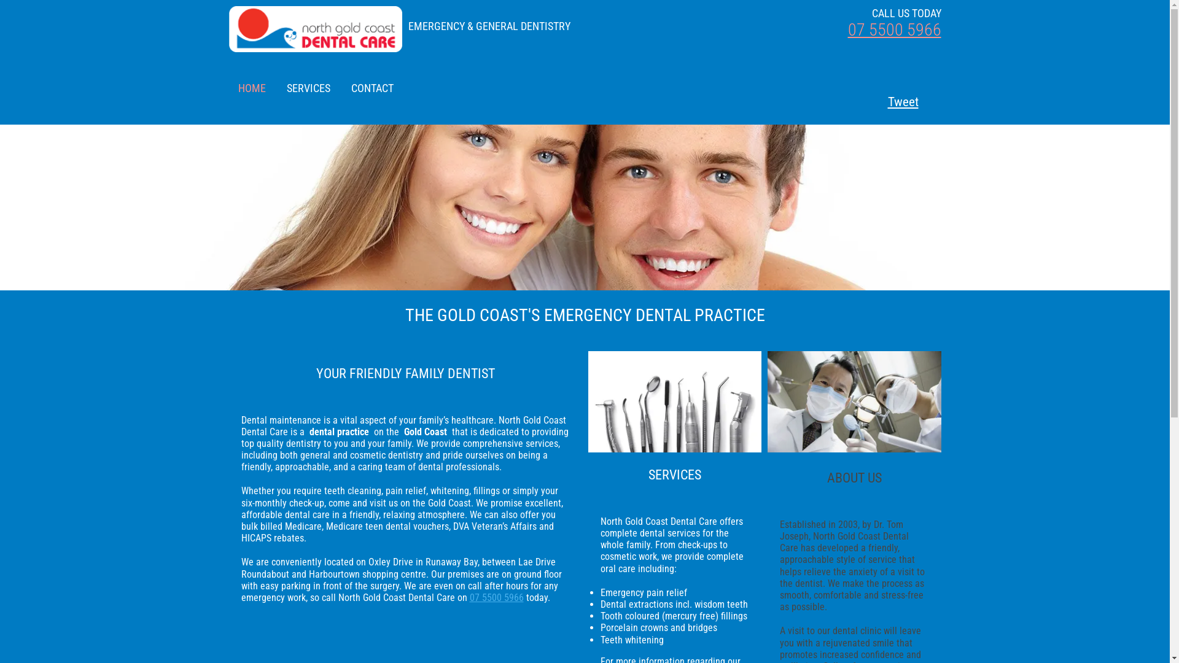 The width and height of the screenshot is (1179, 663). I want to click on 'Tweet', so click(893, 101).